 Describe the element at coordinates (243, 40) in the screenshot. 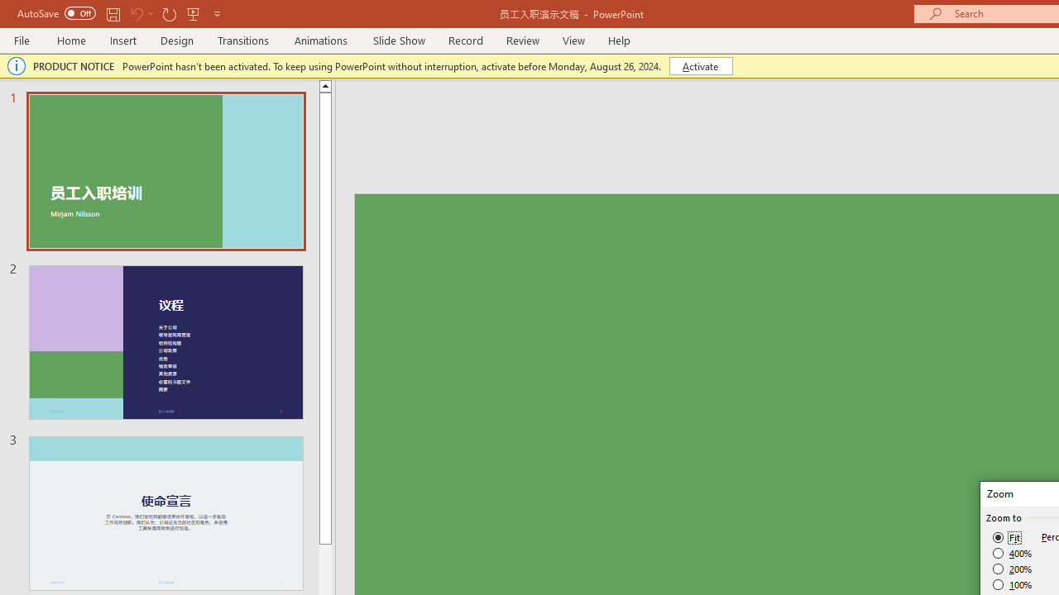

I see `'Transitions'` at that location.